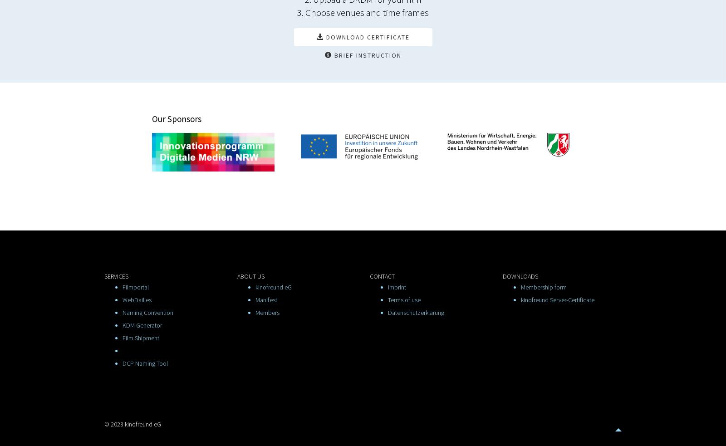 Image resolution: width=726 pixels, height=446 pixels. Describe the element at coordinates (142, 325) in the screenshot. I see `'KDM Generator'` at that location.